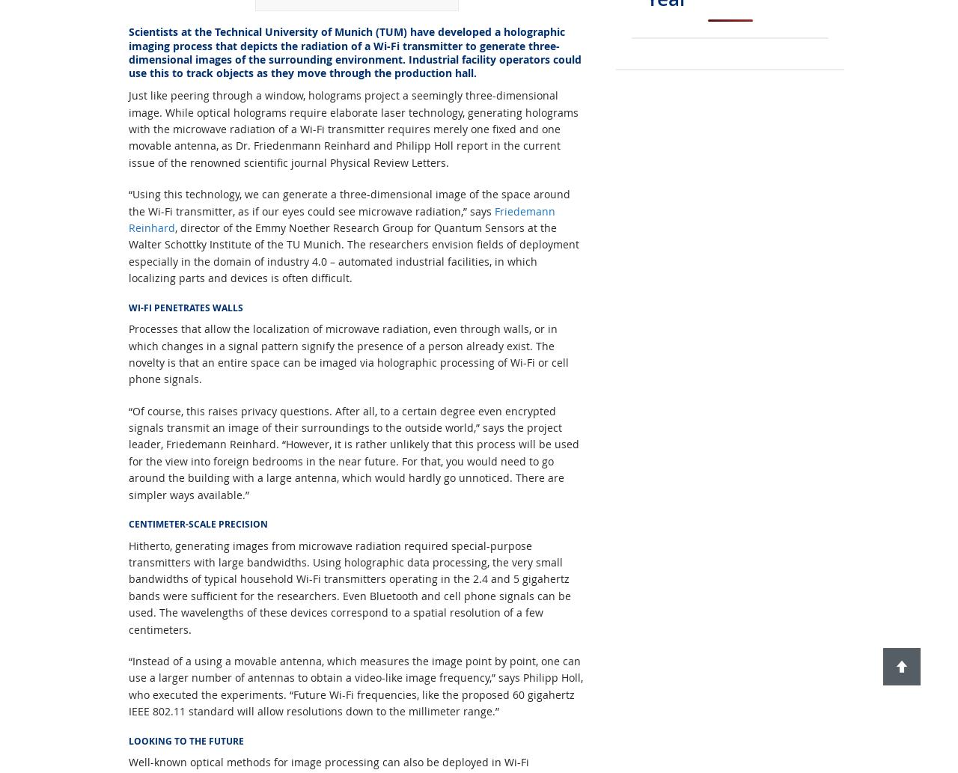 The width and height of the screenshot is (958, 773). I want to click on 'Hitherto, generating images from microwave radiation required special-purpose transmitters with large bandwidths. Using holographic data processing, the very small bandwidths of typical household Wi-Fi transmitters operating in the 2.4 and 5 gigahertz bands were sufficient for the researchers. Even Bluetooth and cell phone signals can be used. The wavelengths of these devices correspond to a spatial resolution of a few centimeters.', so click(349, 587).